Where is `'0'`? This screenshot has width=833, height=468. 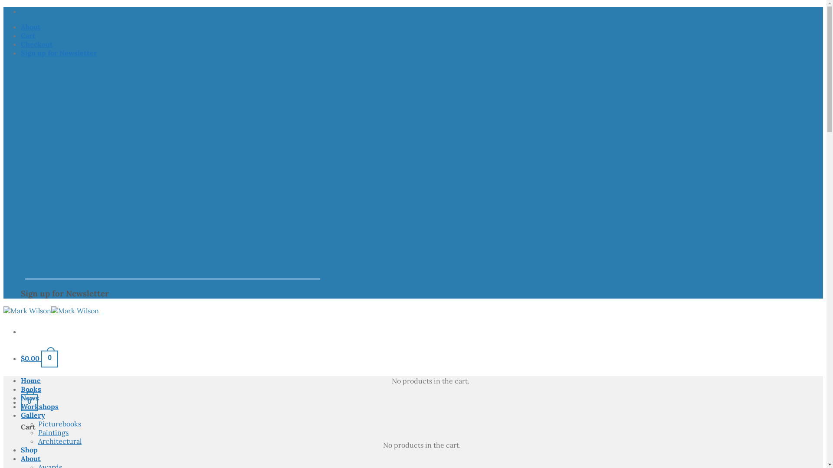 '0' is located at coordinates (29, 402).